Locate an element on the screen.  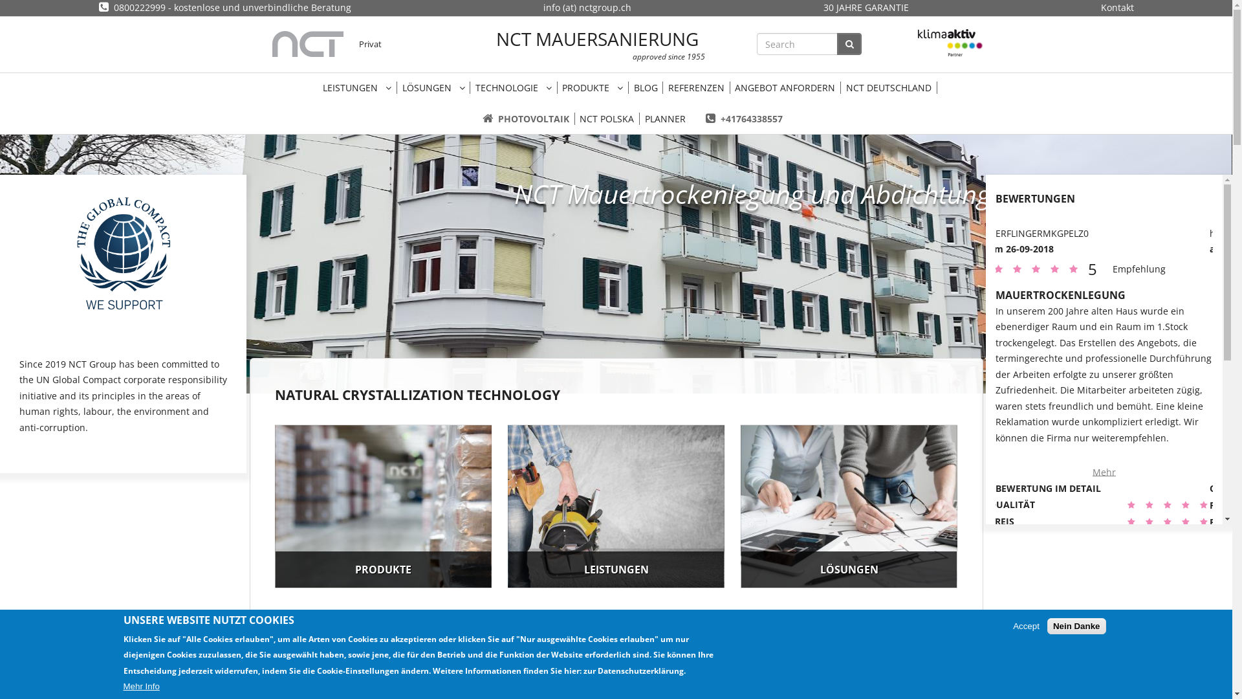
'info (at) nctgroup.ch' is located at coordinates (586, 7).